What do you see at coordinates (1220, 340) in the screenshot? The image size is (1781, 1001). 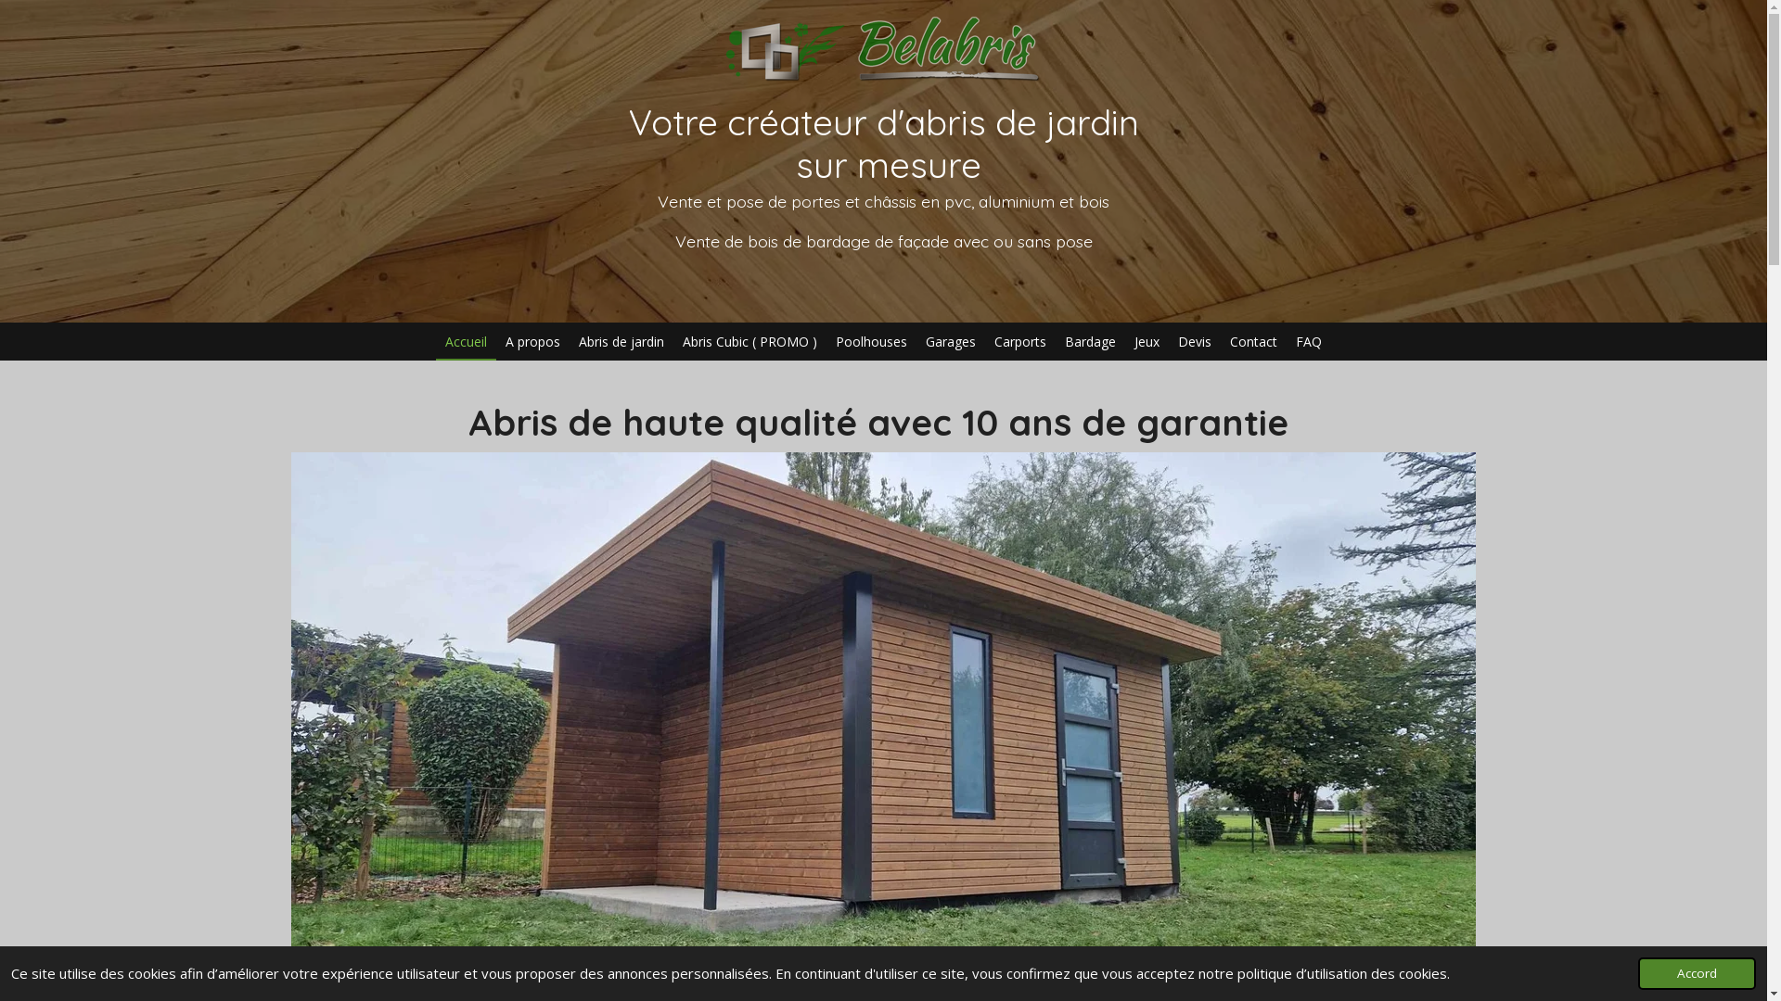 I see `'Contact'` at bounding box center [1220, 340].